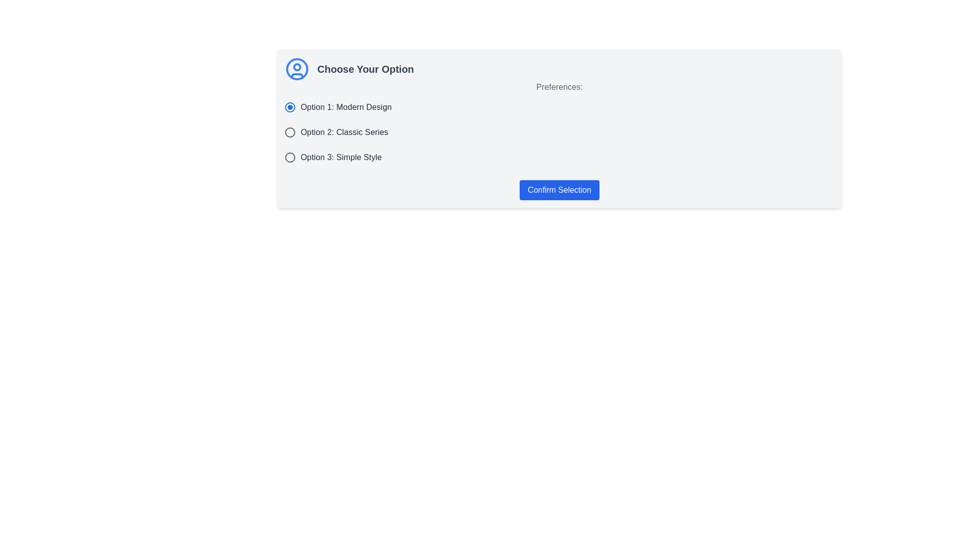 This screenshot has height=542, width=964. What do you see at coordinates (289, 107) in the screenshot?
I see `the SVG graphic element of the radio button labeled 'Option 1: Modern Design', which appears as a circular shape with a thin border` at bounding box center [289, 107].